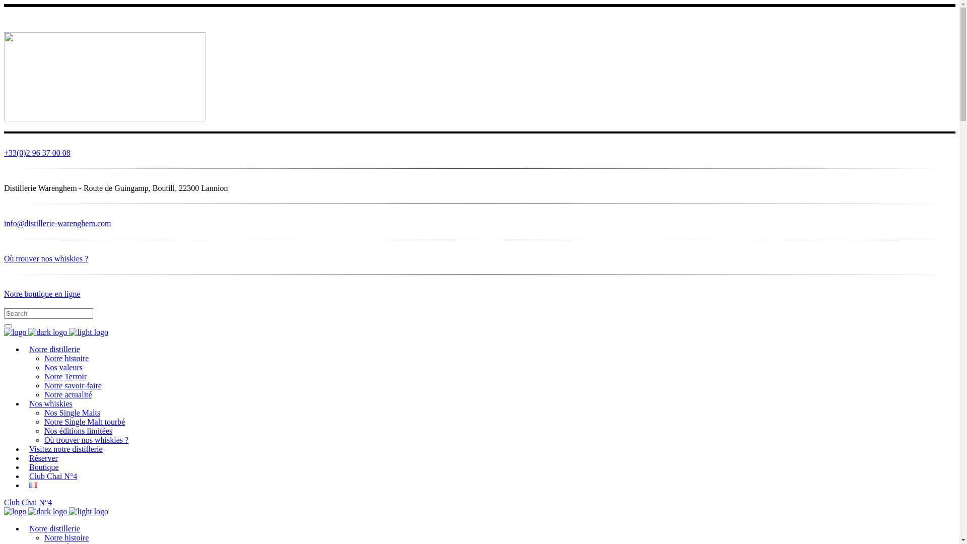 This screenshot has width=967, height=544. Describe the element at coordinates (479, 227) in the screenshot. I see `'info@distillerie-warenghem.com'` at that location.